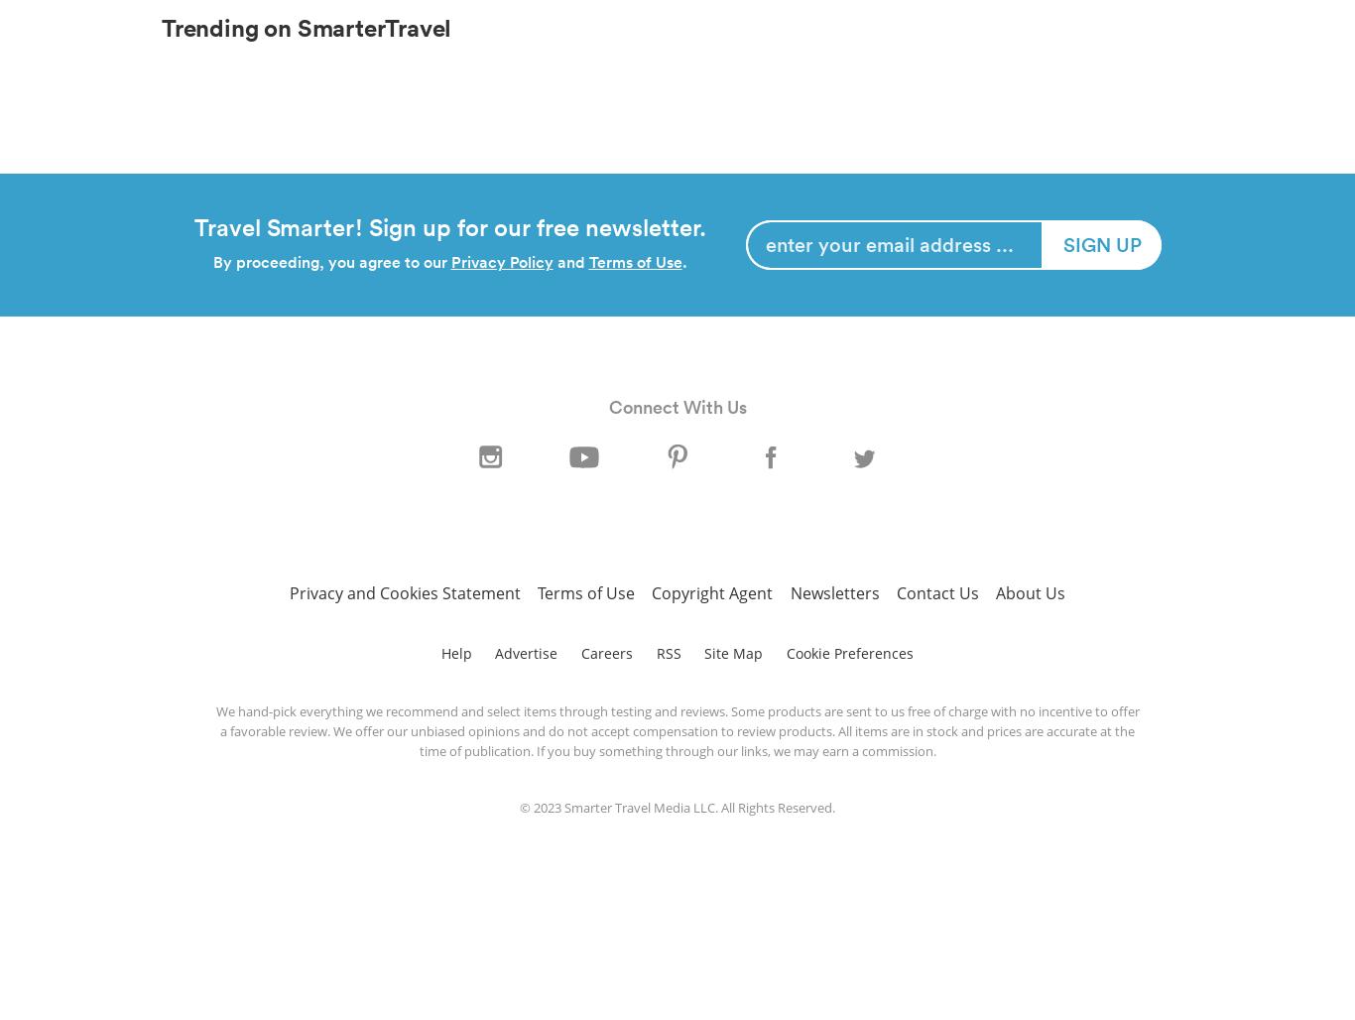  Describe the element at coordinates (711, 590) in the screenshot. I see `'Copyright Agent'` at that location.